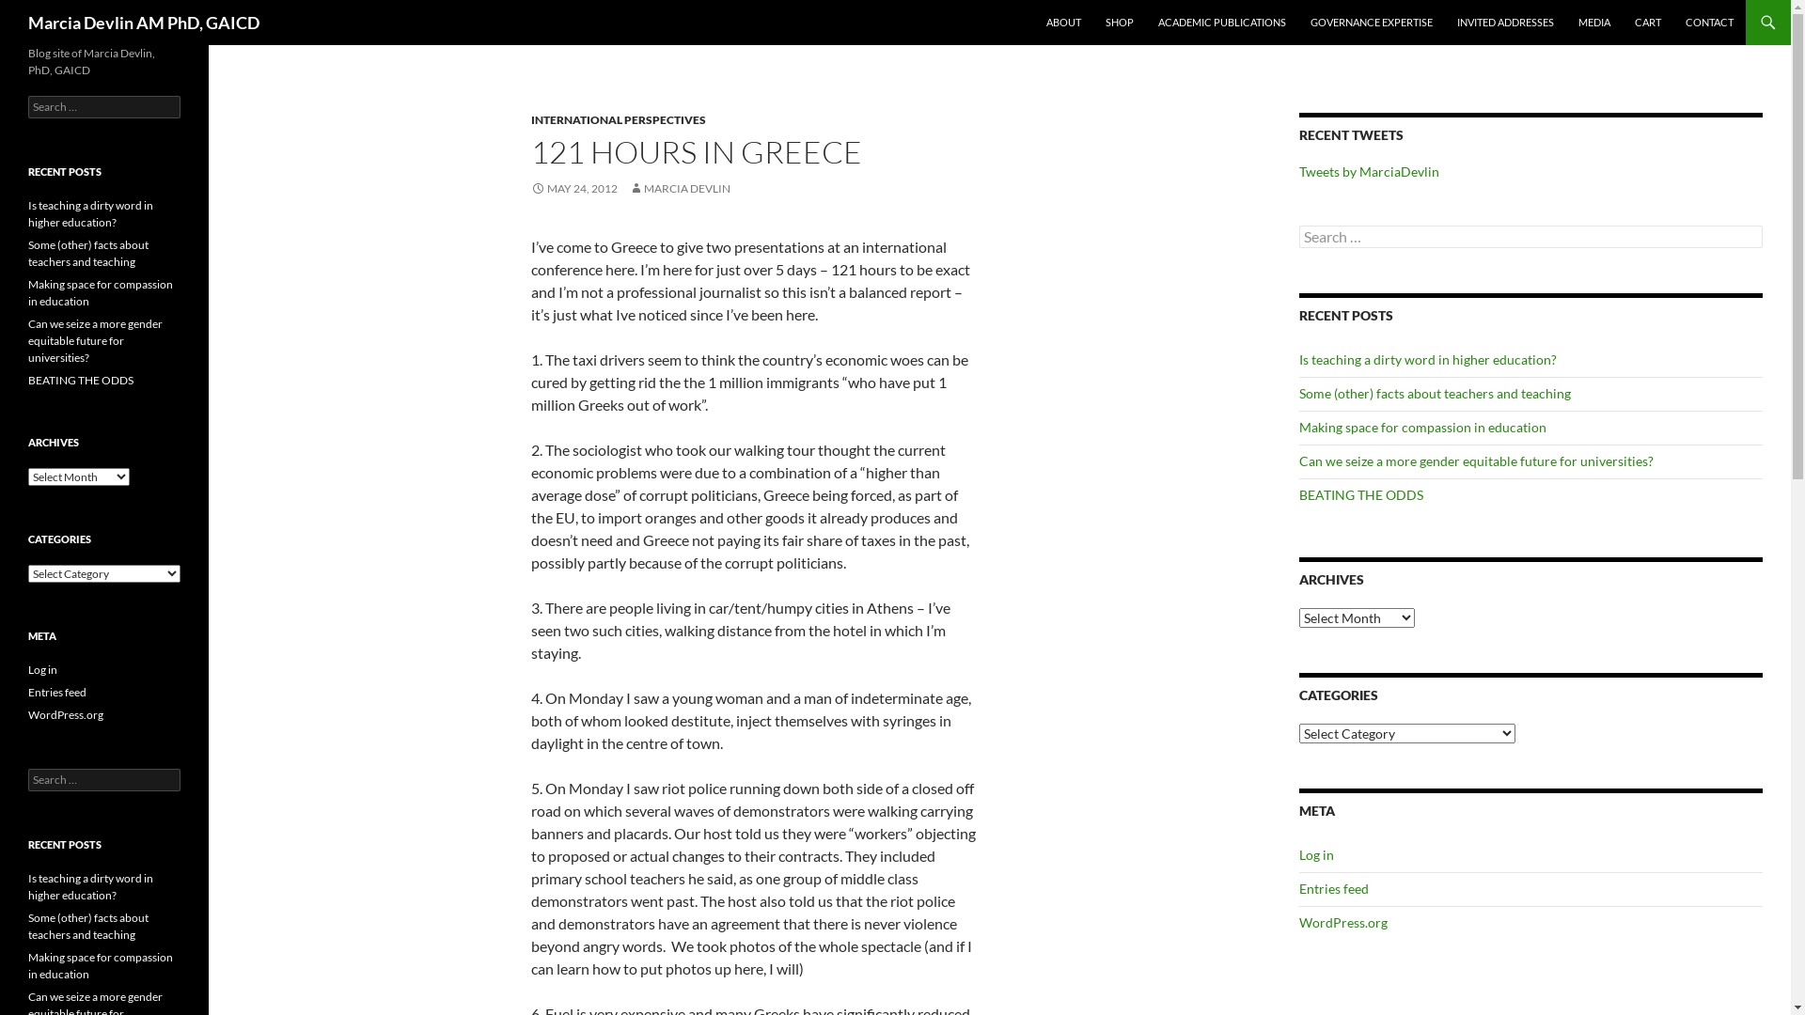 The image size is (1805, 1015). Describe the element at coordinates (1593, 22) in the screenshot. I see `'MEDIA'` at that location.